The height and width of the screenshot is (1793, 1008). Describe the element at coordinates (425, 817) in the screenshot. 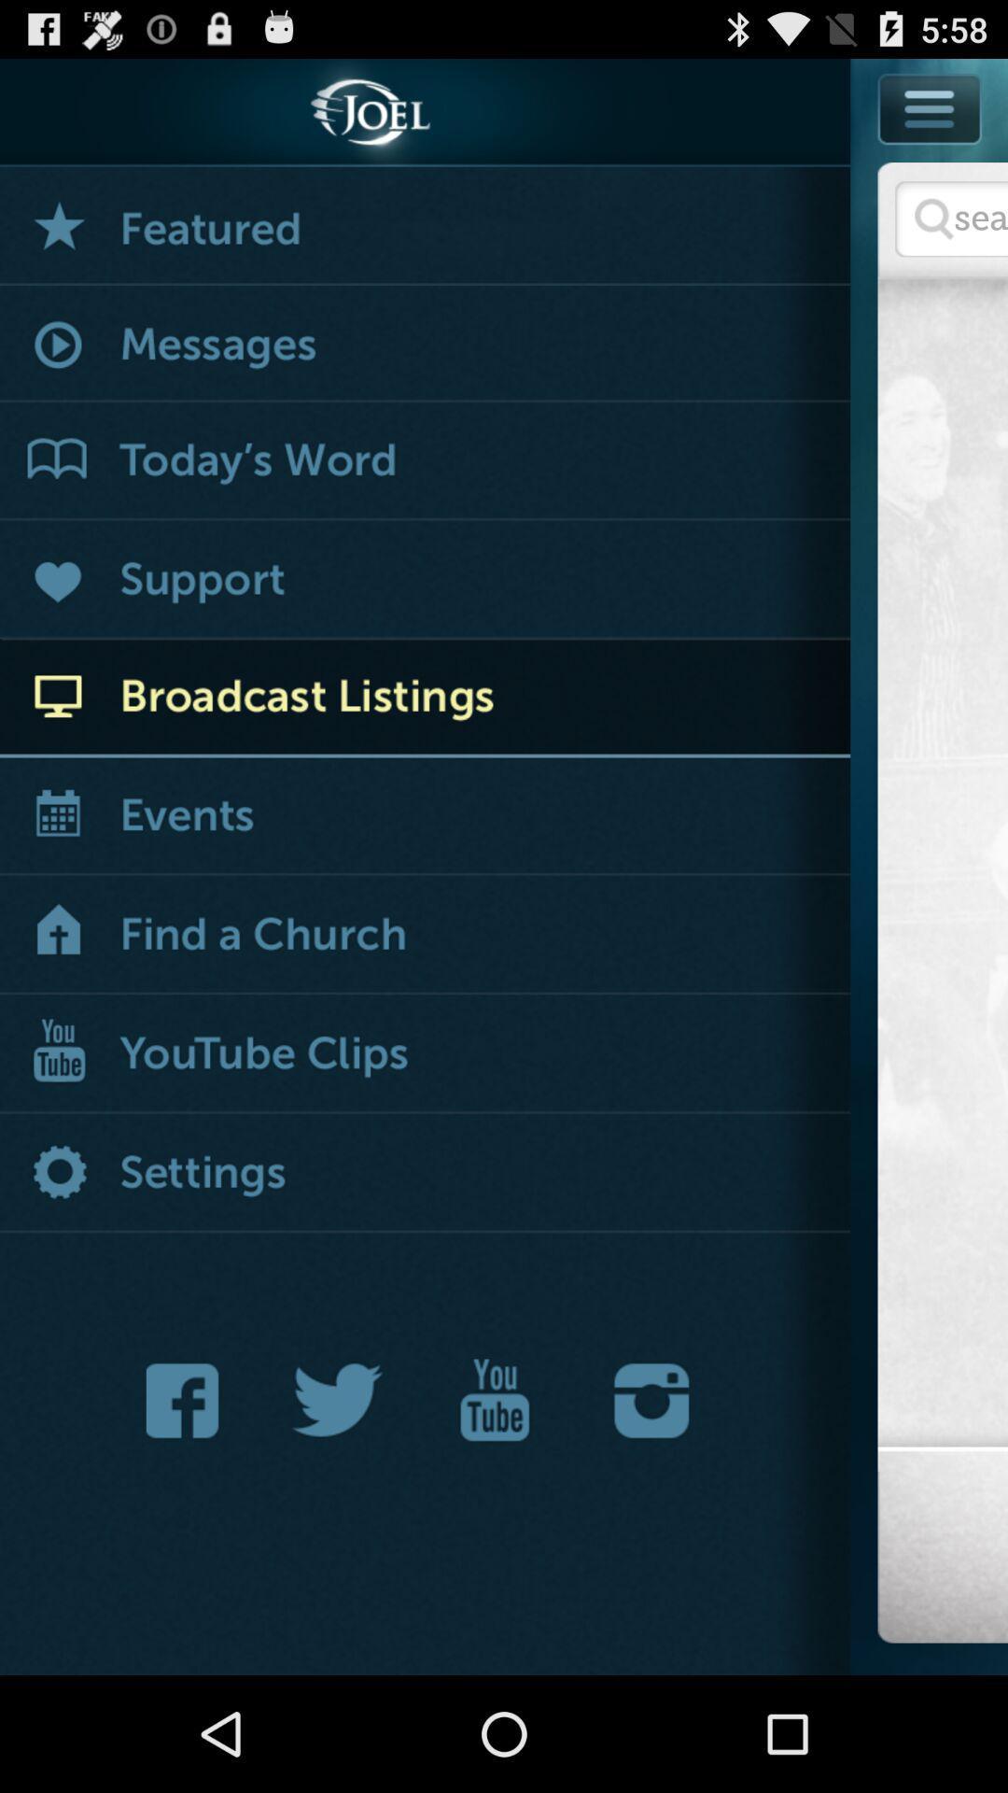

I see `open calender` at that location.